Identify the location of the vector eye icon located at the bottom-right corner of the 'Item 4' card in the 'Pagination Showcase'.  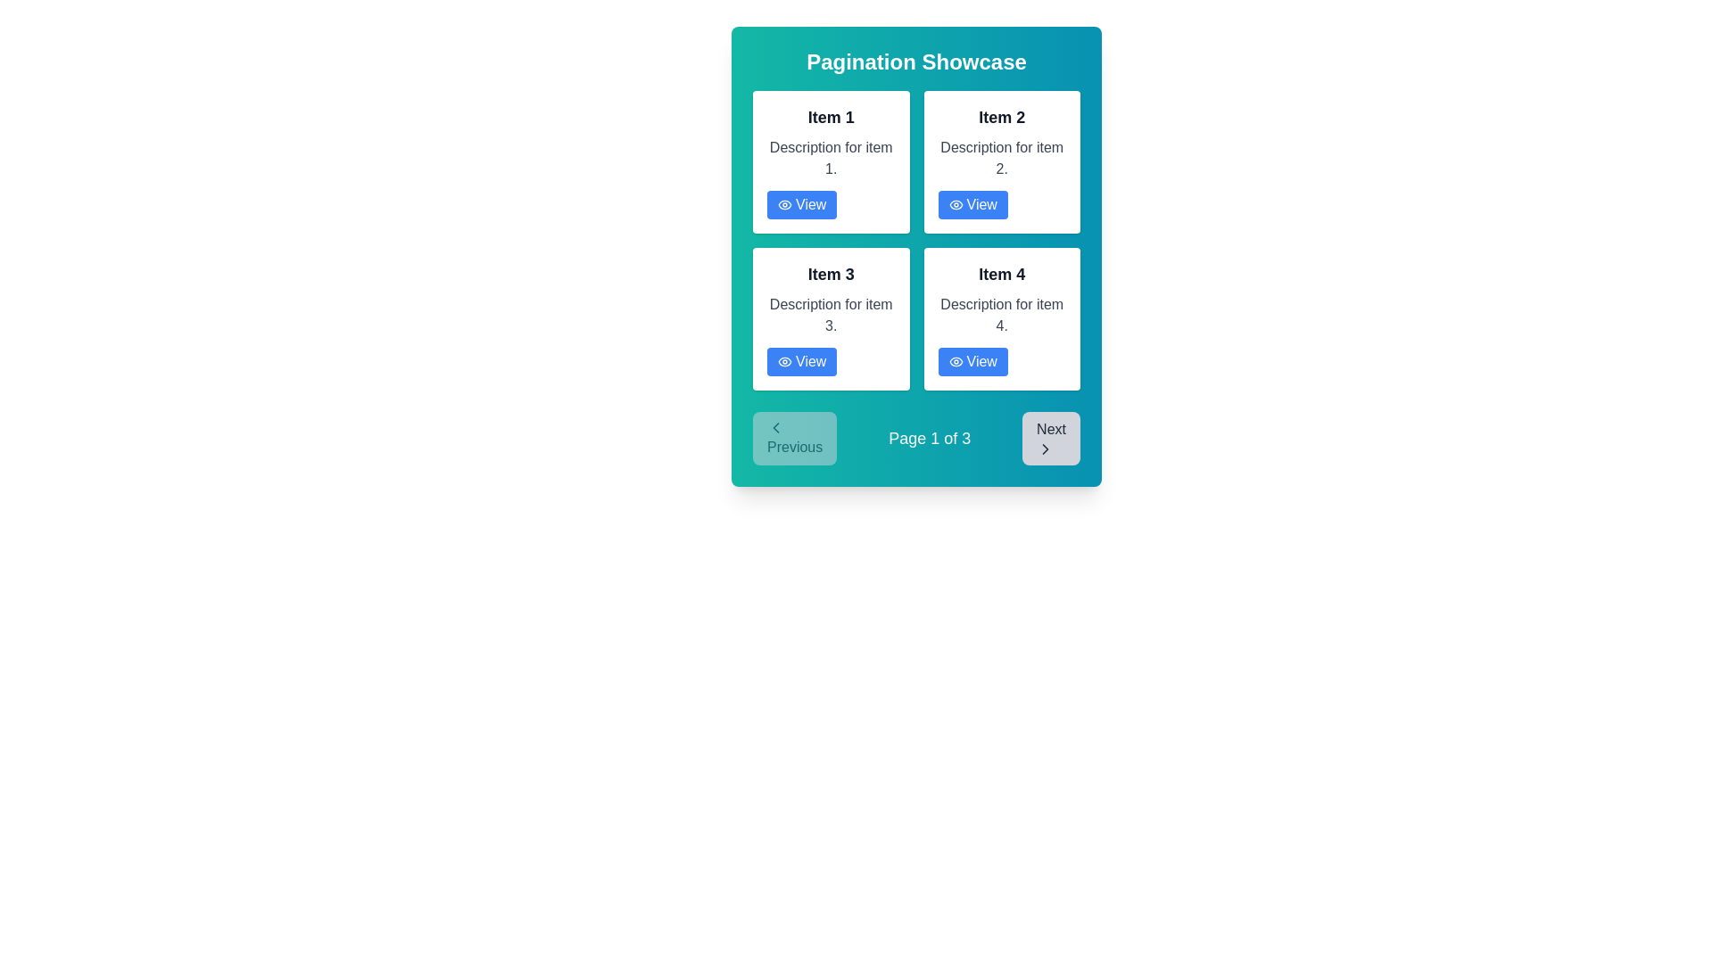
(955, 361).